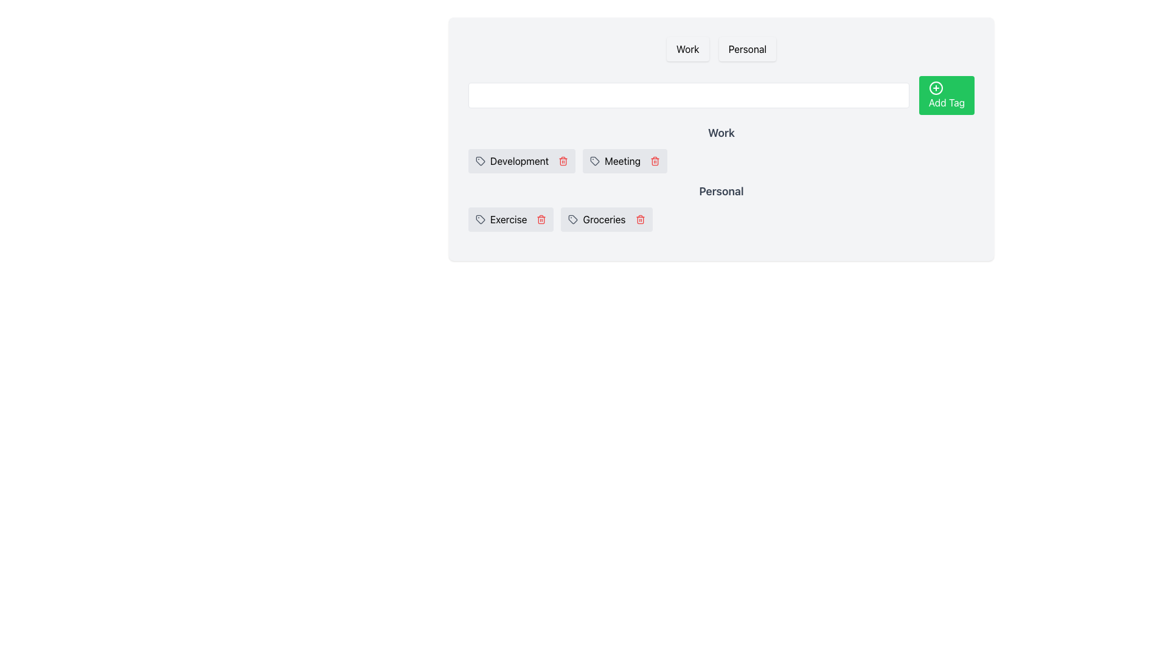 Image resolution: width=1168 pixels, height=657 pixels. I want to click on the leftmost icon under the 'Meeting' button in the 'Work' section for identification purposes, so click(595, 161).